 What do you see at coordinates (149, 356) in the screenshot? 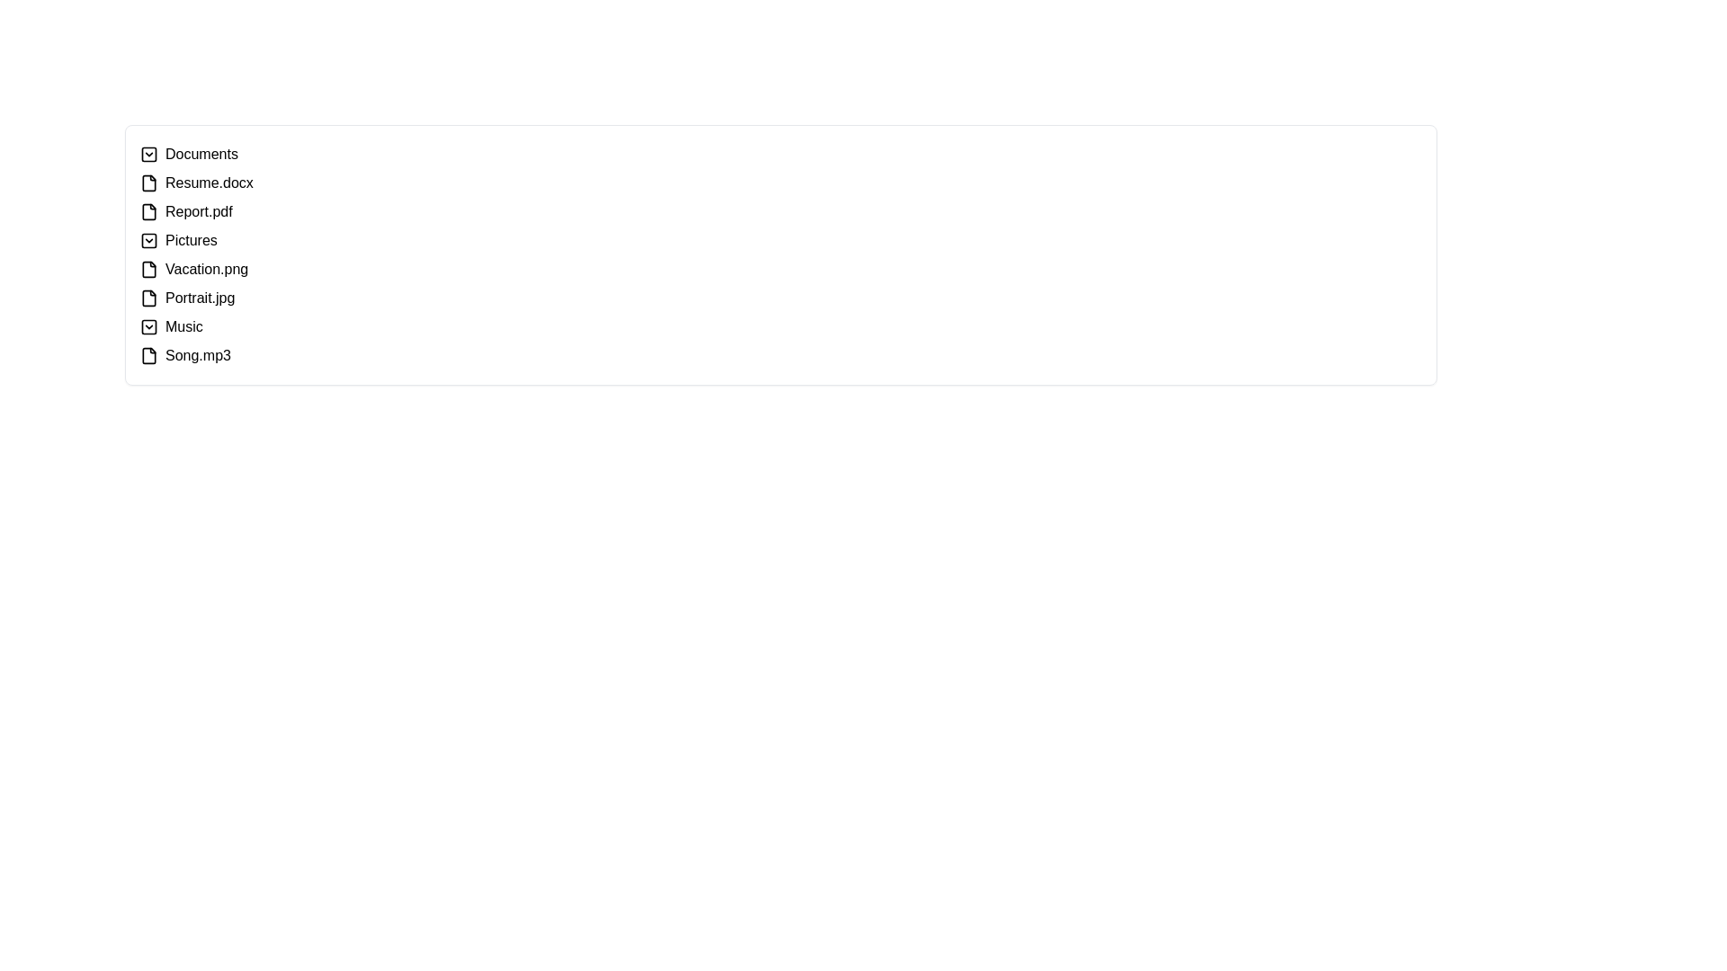
I see `the audio file icon located to the left of 'Song.mp3' in the 'Music' folder section of the file list` at bounding box center [149, 356].